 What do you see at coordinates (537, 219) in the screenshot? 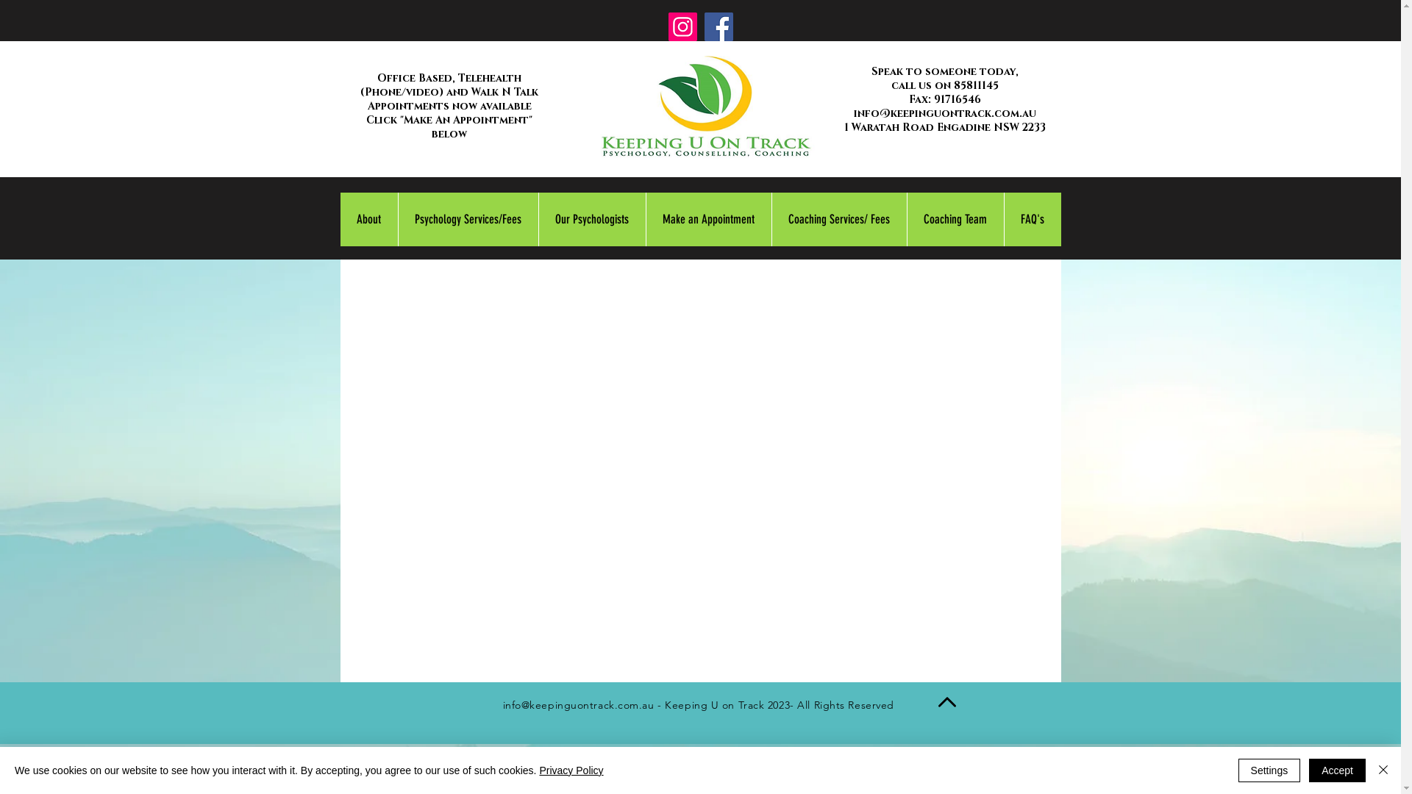
I see `'Our Psychologists'` at bounding box center [537, 219].